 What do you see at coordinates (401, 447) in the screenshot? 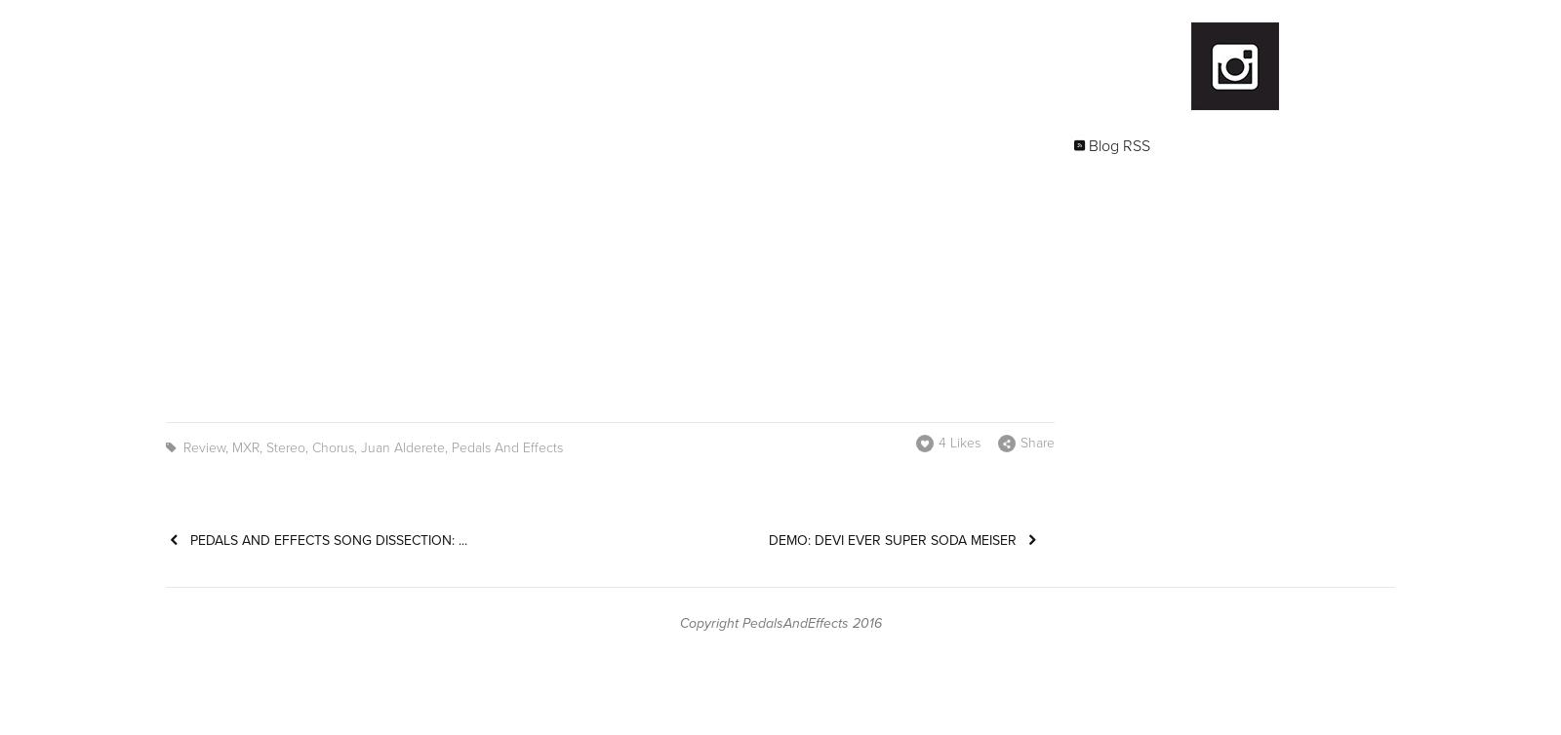
I see `'Juan Alderete'` at bounding box center [401, 447].